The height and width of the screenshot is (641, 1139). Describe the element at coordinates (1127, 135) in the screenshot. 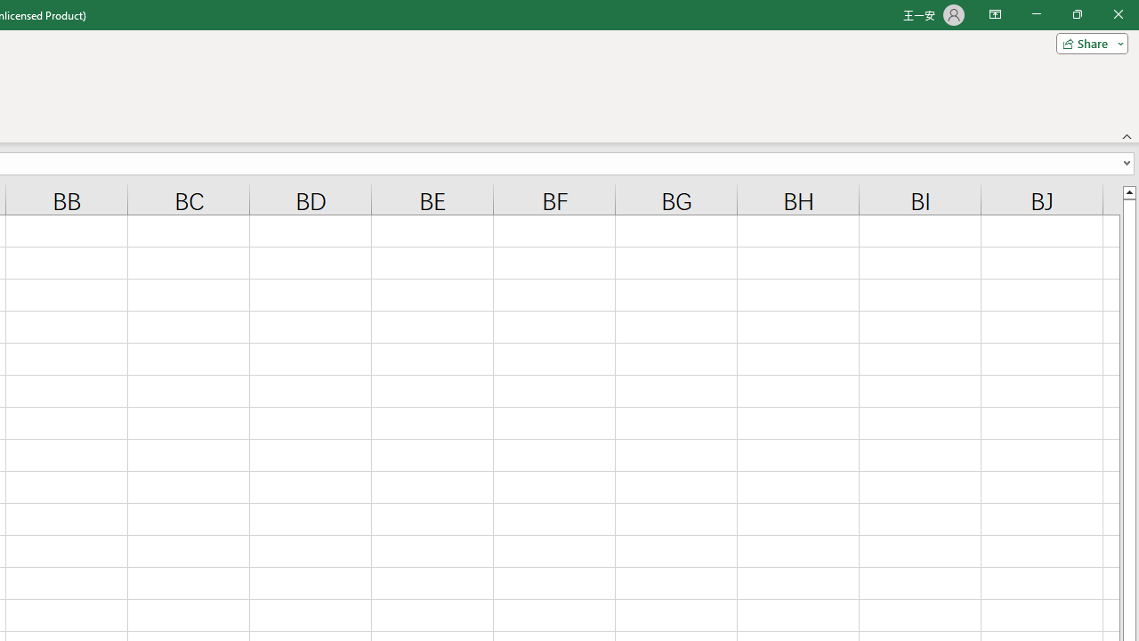

I see `'Collapse the Ribbon'` at that location.